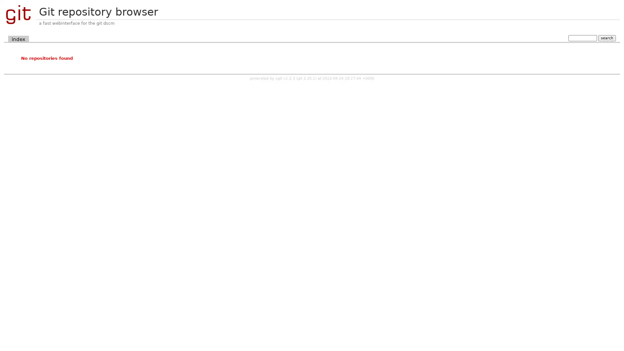  What do you see at coordinates (606, 38) in the screenshot?
I see `search` at bounding box center [606, 38].